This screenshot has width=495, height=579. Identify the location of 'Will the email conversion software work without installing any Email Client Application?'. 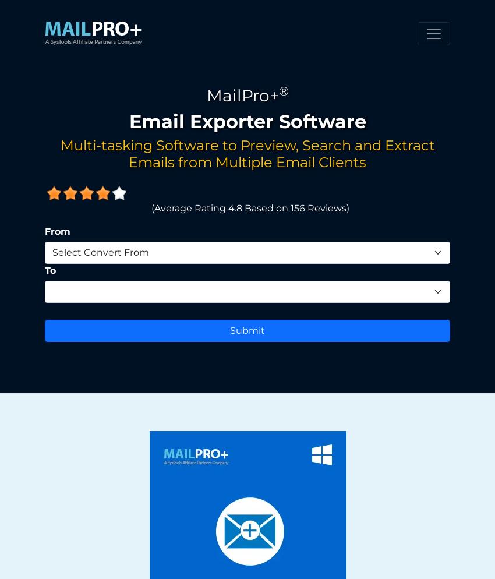
(228, 156).